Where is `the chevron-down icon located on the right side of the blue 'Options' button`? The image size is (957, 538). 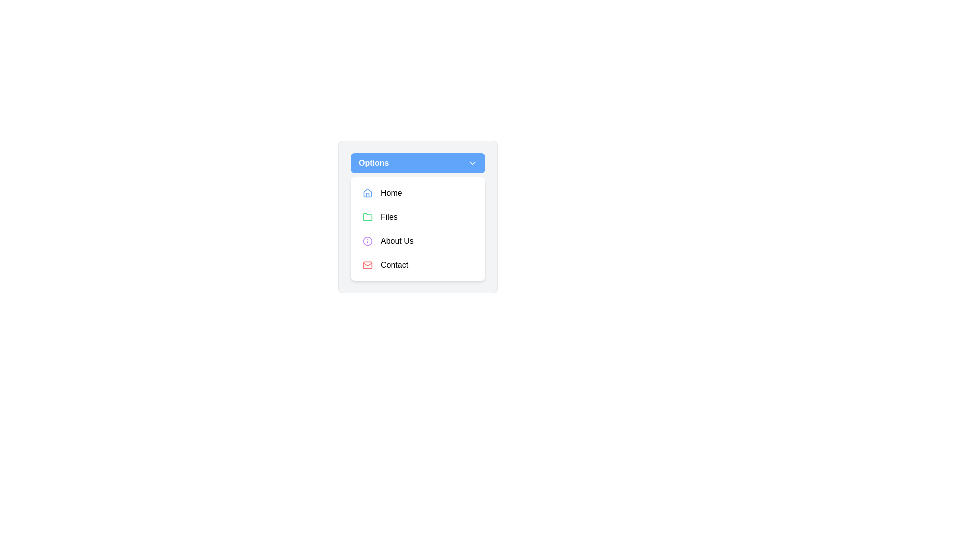 the chevron-down icon located on the right side of the blue 'Options' button is located at coordinates (472, 162).